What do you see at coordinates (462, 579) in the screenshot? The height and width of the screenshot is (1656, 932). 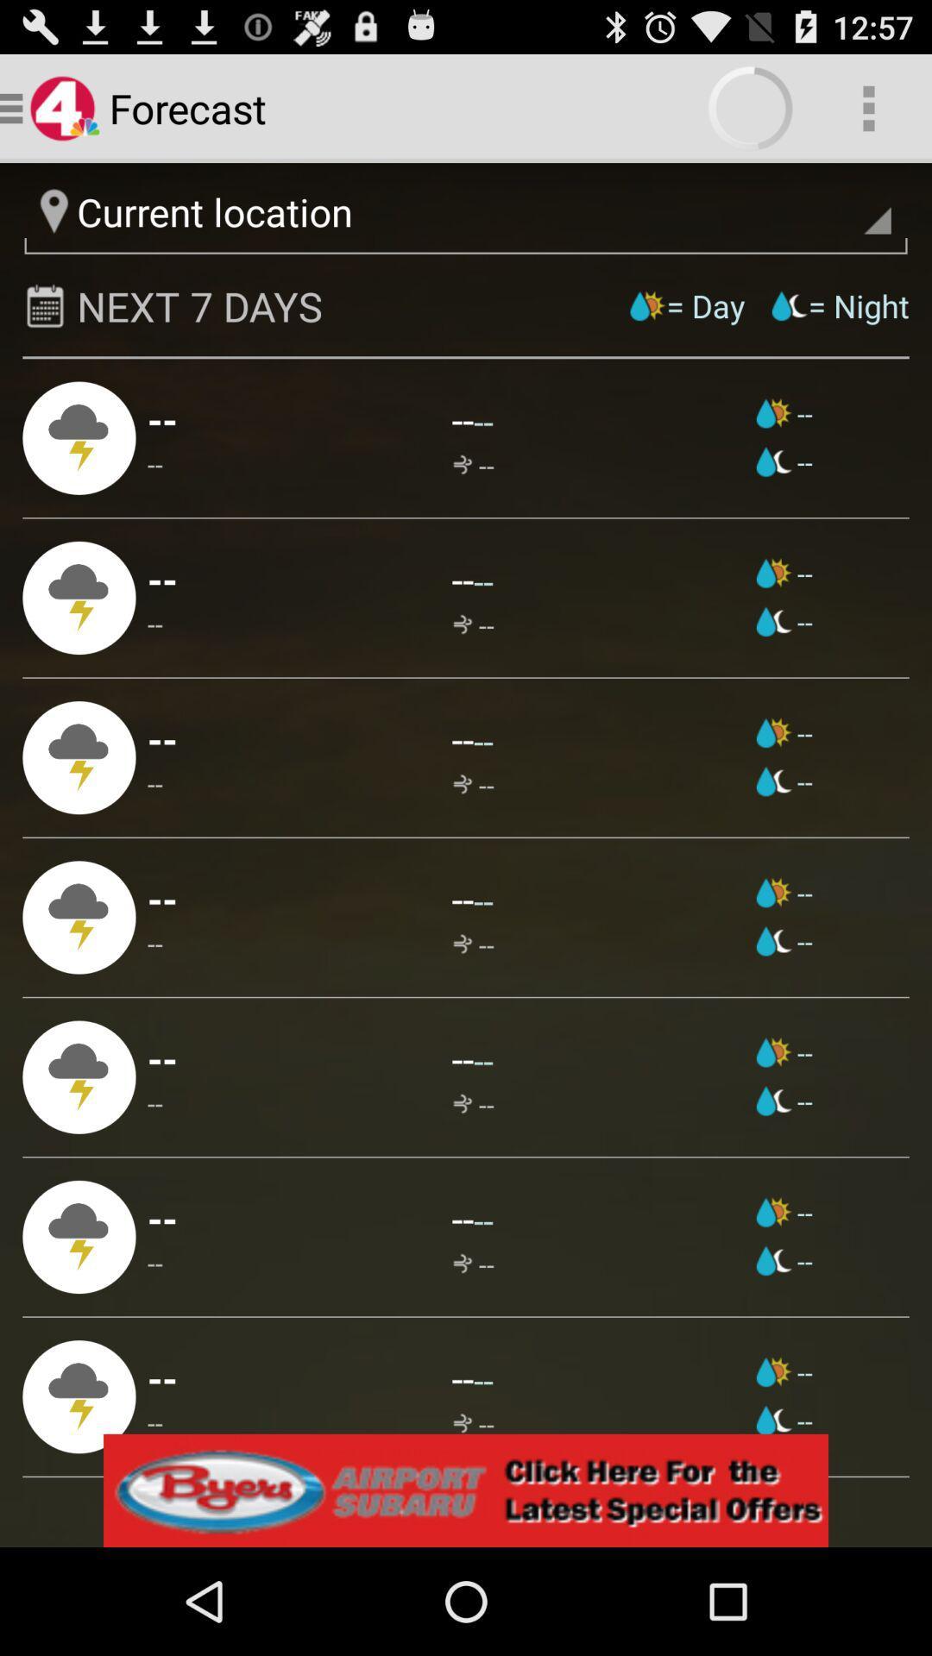 I see `-- app` at bounding box center [462, 579].